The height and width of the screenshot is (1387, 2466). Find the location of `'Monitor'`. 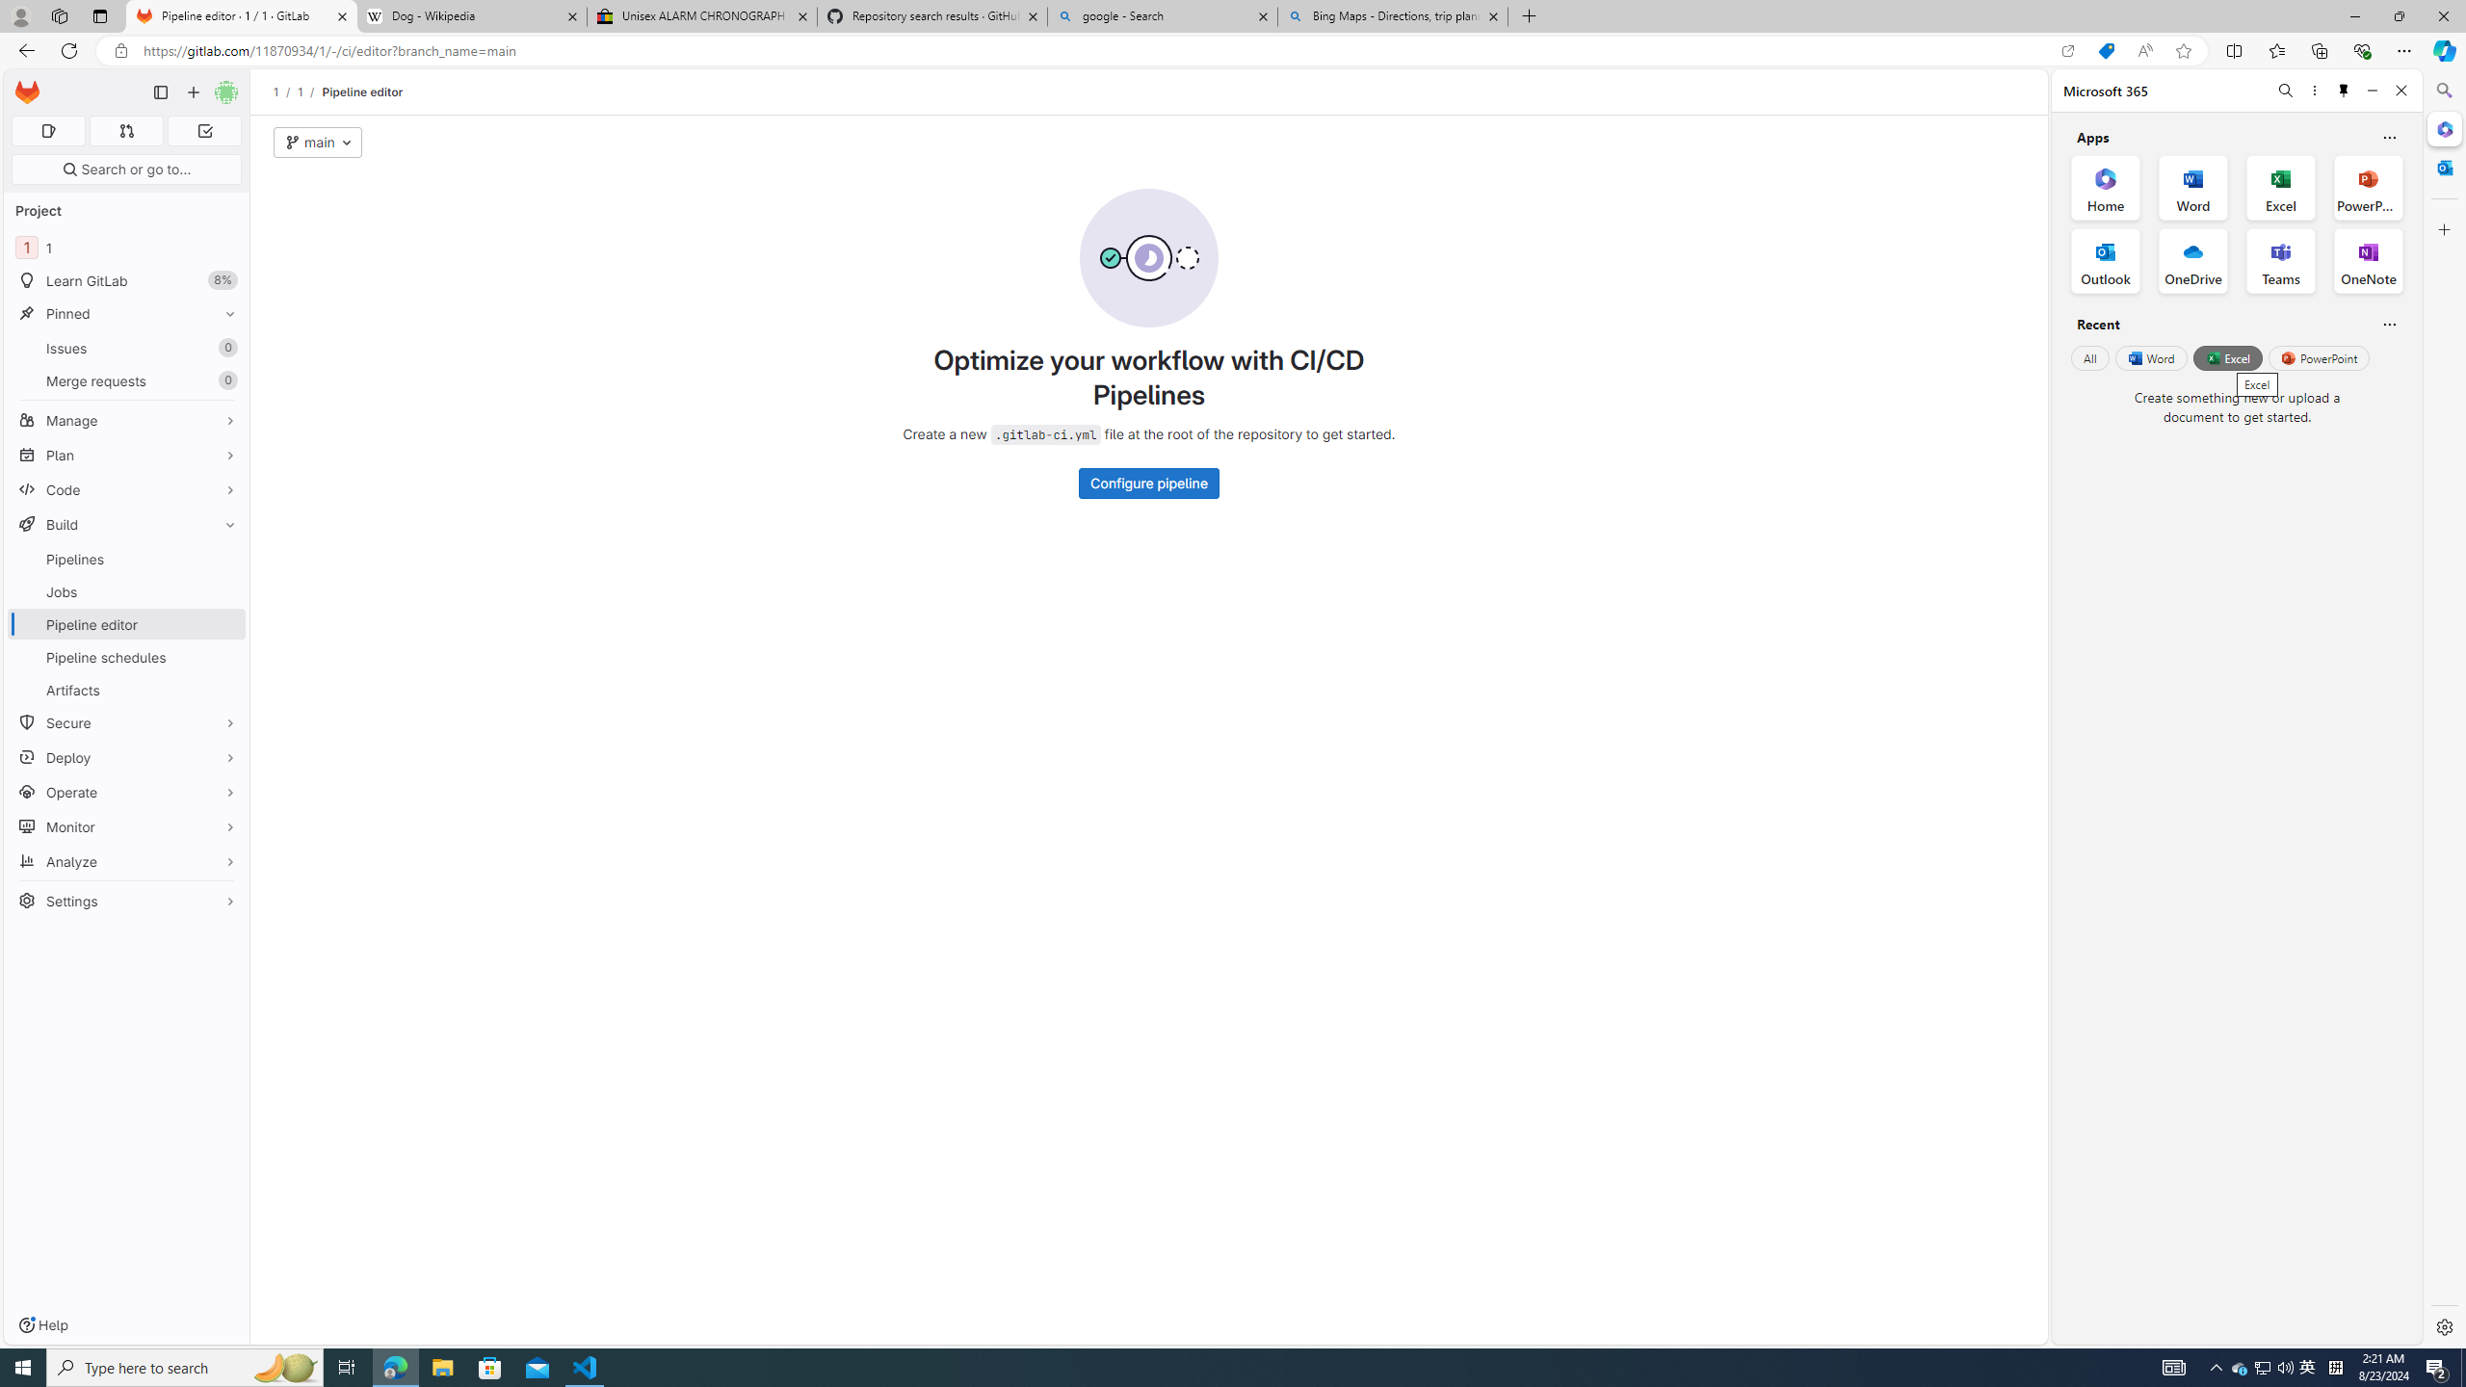

'Monitor' is located at coordinates (125, 825).